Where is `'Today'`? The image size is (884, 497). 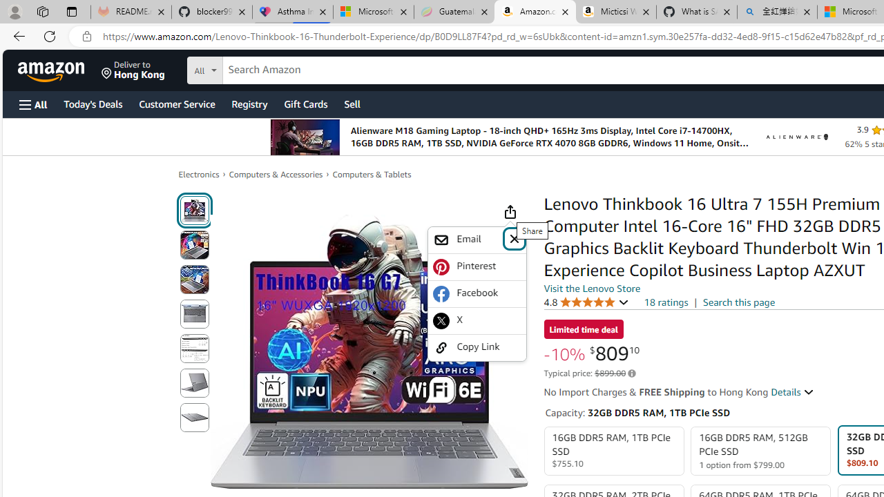
'Today' is located at coordinates (92, 103).